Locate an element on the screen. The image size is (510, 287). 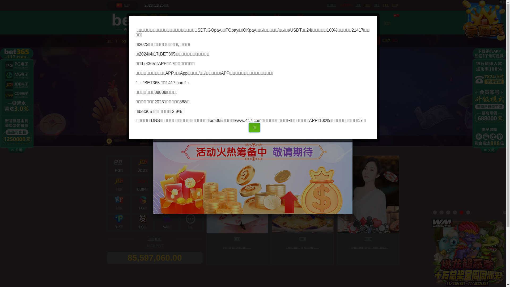
'Close' is located at coordinates (352, 73).